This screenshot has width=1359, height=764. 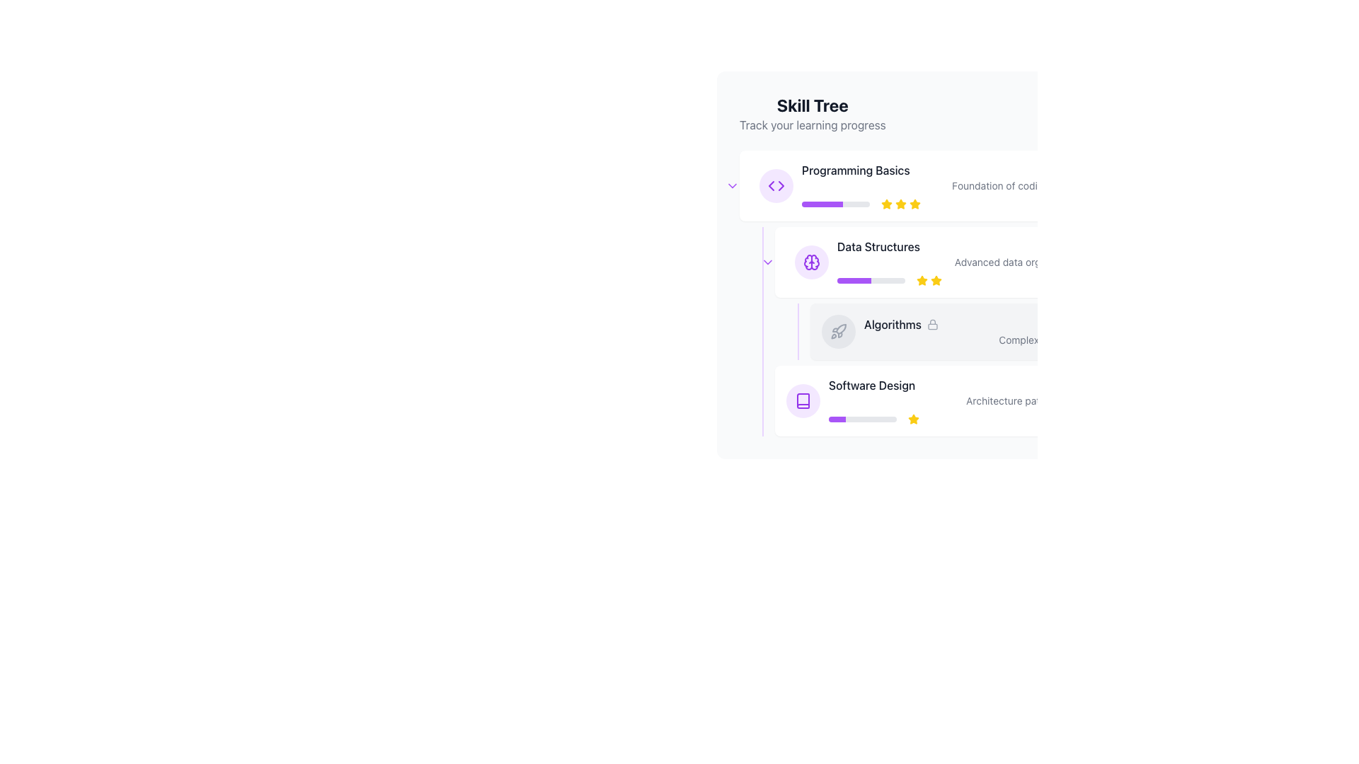 I want to click on the static decorative icon representing the 'Programming Basics' skill, located as the first icon on the left side of the card in the 'Skill Tree' section, so click(x=776, y=185).